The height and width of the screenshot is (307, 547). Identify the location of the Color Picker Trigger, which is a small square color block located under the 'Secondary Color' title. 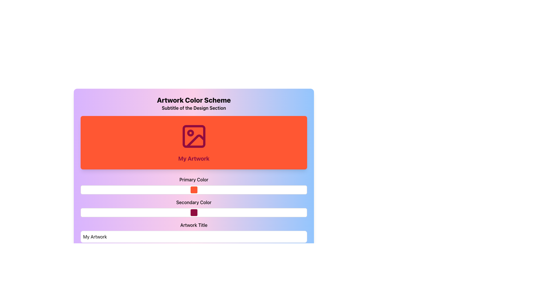
(194, 213).